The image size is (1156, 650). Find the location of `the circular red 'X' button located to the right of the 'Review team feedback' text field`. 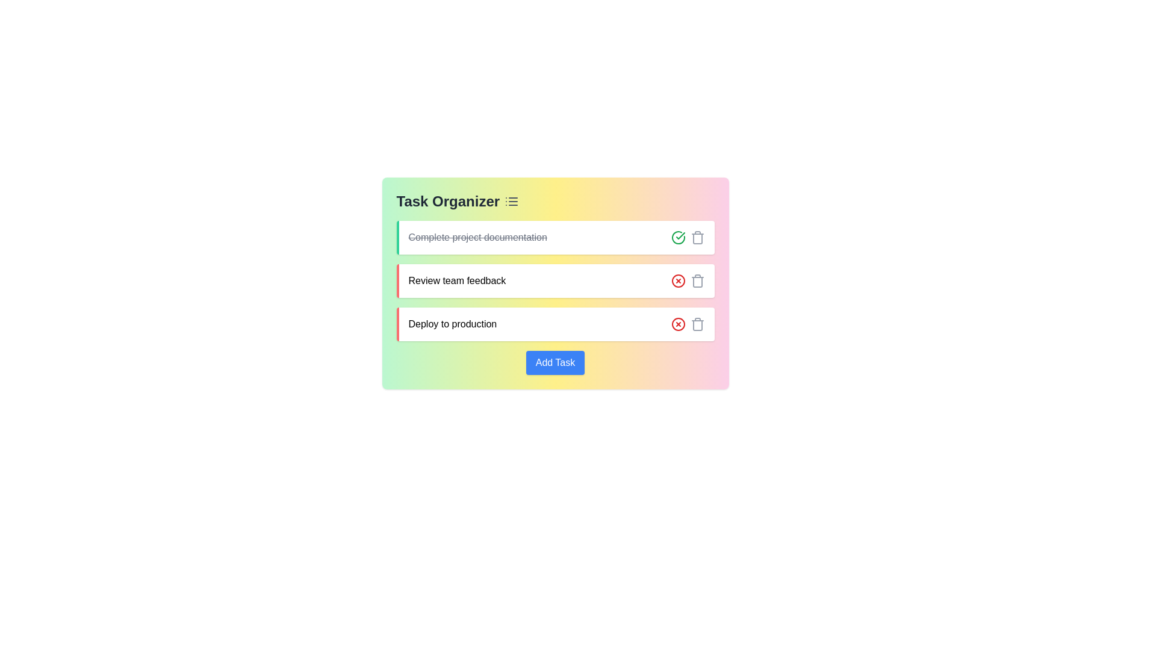

the circular red 'X' button located to the right of the 'Review team feedback' text field is located at coordinates (678, 280).